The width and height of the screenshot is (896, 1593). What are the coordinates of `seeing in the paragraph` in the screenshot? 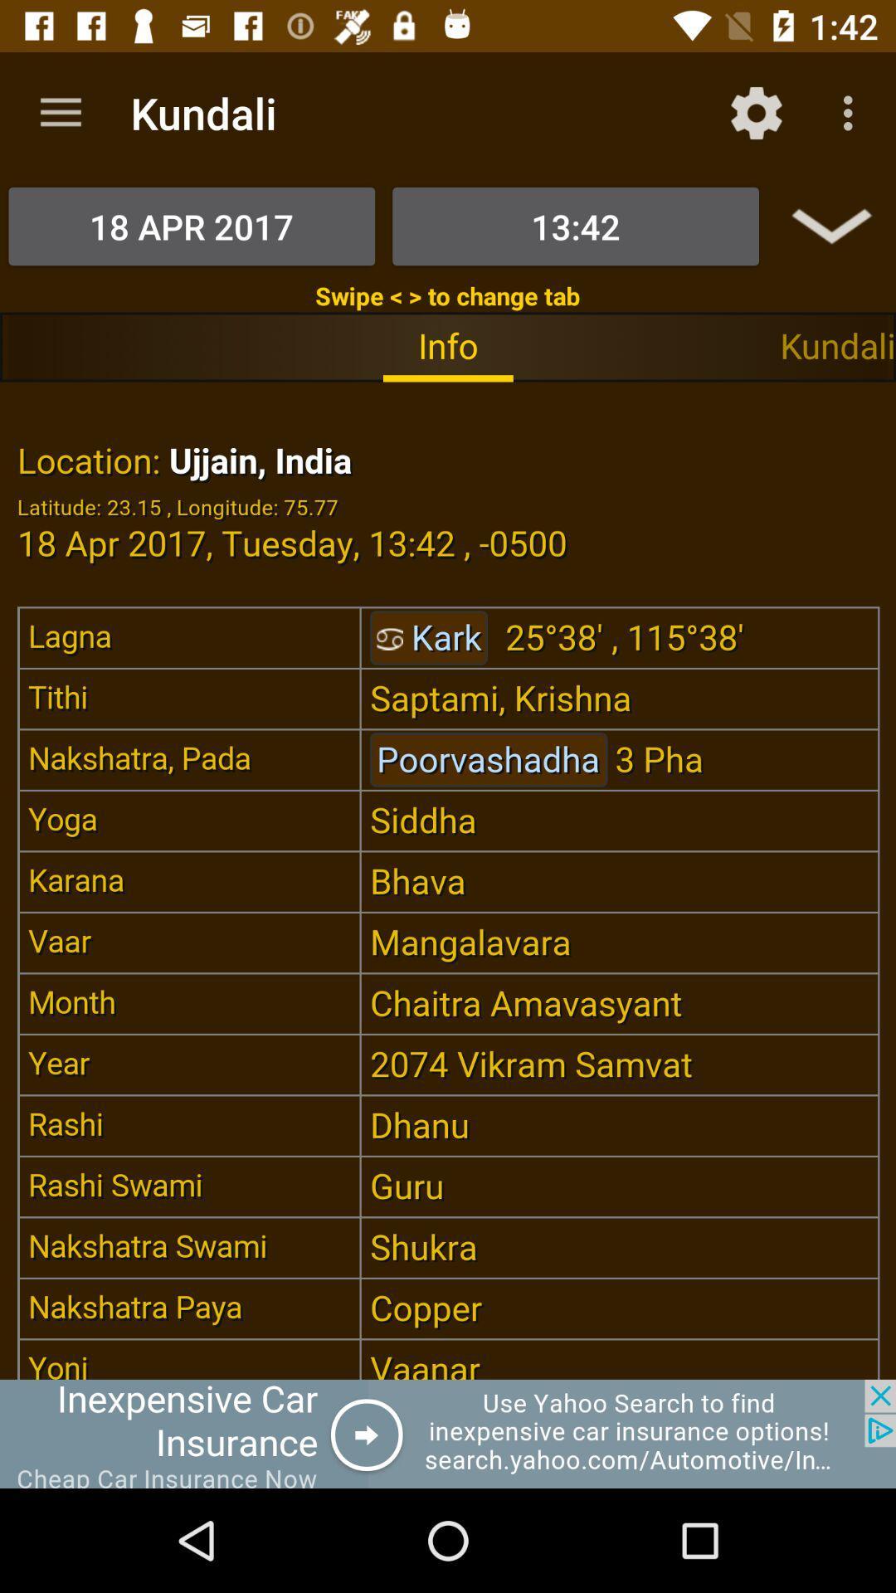 It's located at (448, 879).